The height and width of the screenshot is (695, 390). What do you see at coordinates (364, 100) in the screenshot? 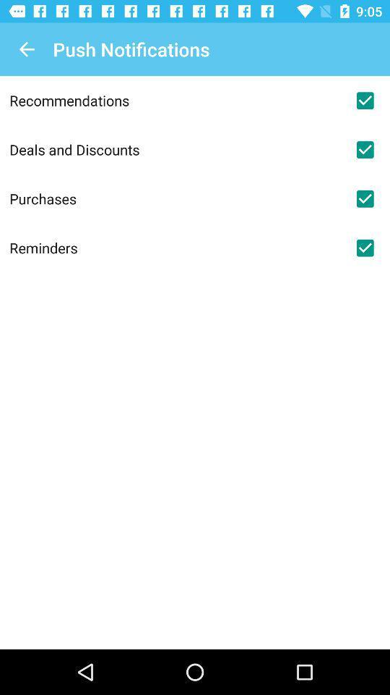
I see `off on` at bounding box center [364, 100].